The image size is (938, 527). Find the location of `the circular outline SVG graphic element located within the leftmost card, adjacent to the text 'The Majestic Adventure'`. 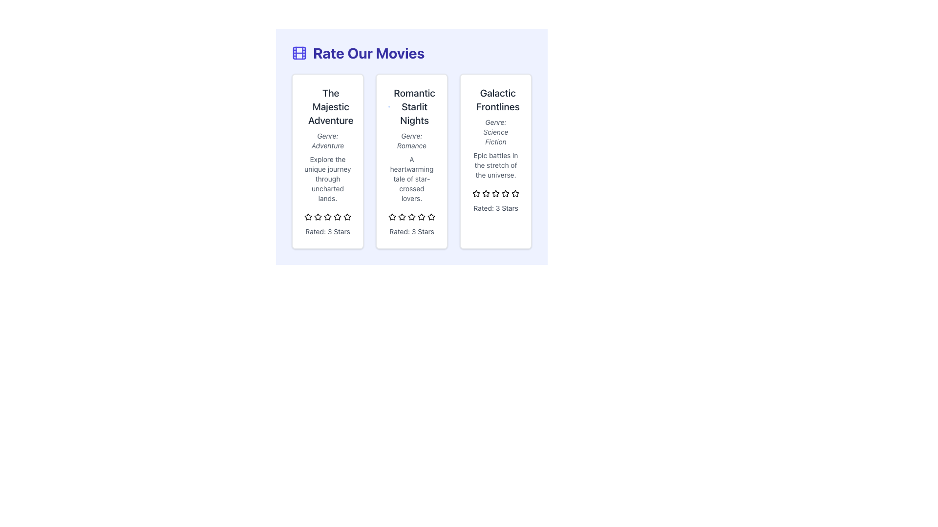

the circular outline SVG graphic element located within the leftmost card, adjacent to the text 'The Majestic Adventure' is located at coordinates (309, 107).